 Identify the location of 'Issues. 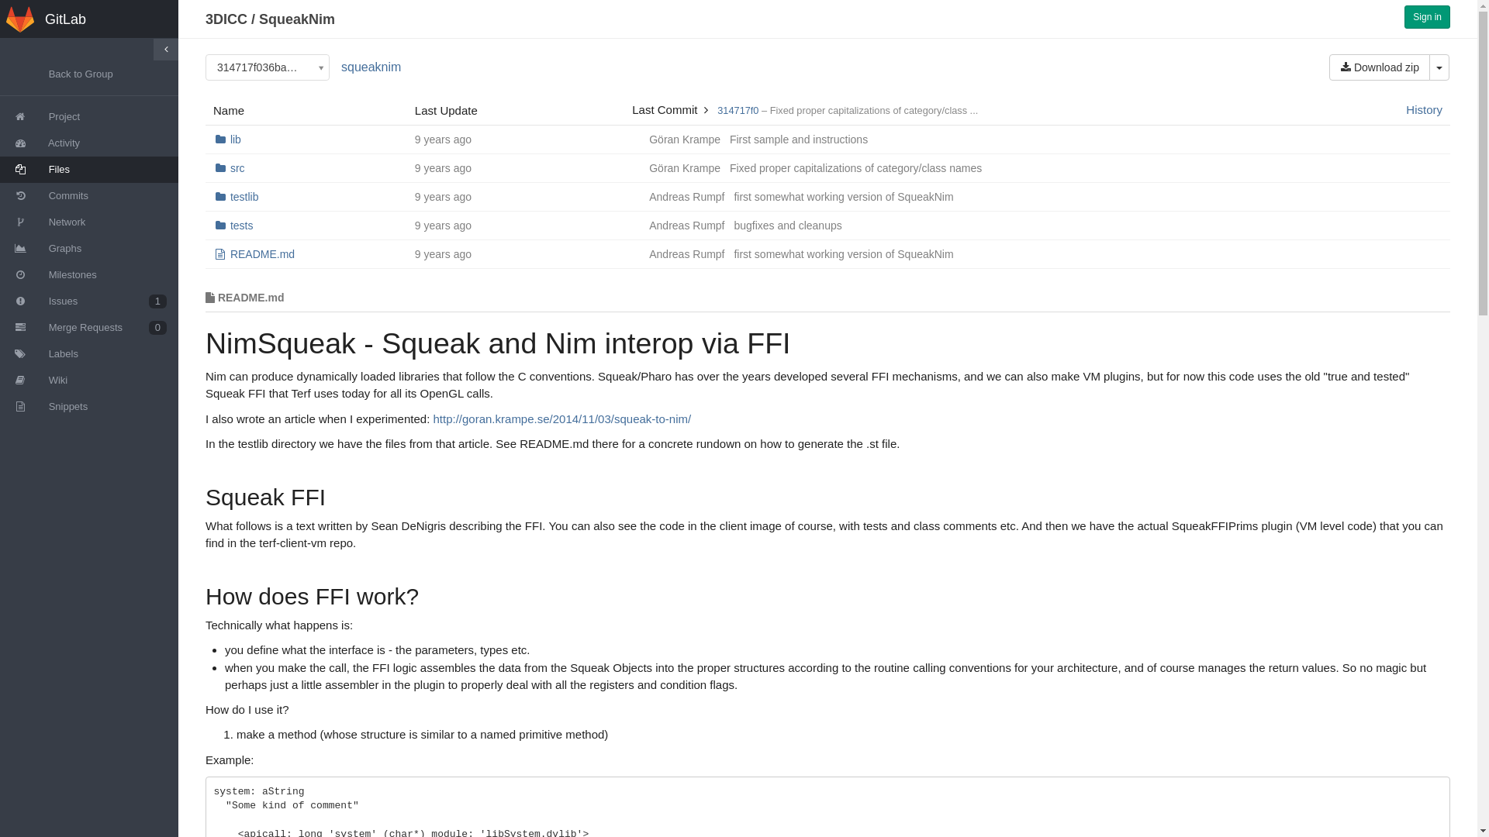
(0, 301).